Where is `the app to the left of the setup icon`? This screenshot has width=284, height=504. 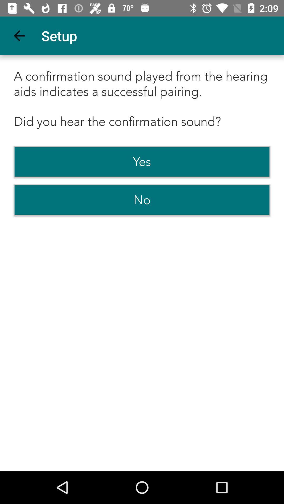 the app to the left of the setup icon is located at coordinates (19, 35).